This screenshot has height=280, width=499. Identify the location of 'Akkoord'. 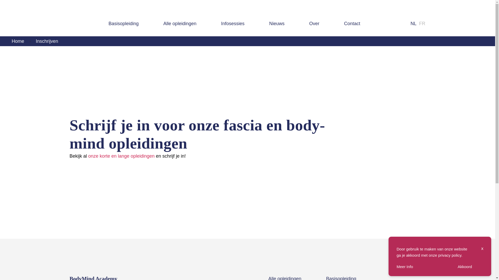
(465, 267).